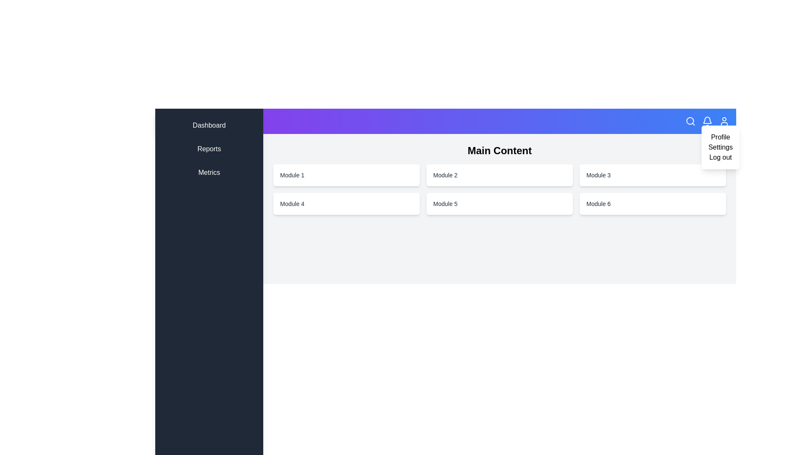 This screenshot has height=455, width=810. What do you see at coordinates (720, 147) in the screenshot?
I see `the 'Settings' text label in the dropdown menu` at bounding box center [720, 147].